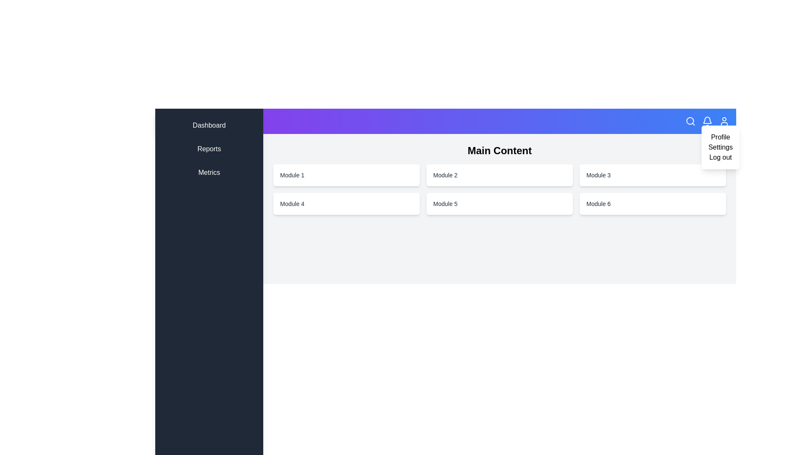 This screenshot has height=455, width=810. What do you see at coordinates (720, 147) in the screenshot?
I see `the 'Settings' text label in the dropdown menu` at bounding box center [720, 147].